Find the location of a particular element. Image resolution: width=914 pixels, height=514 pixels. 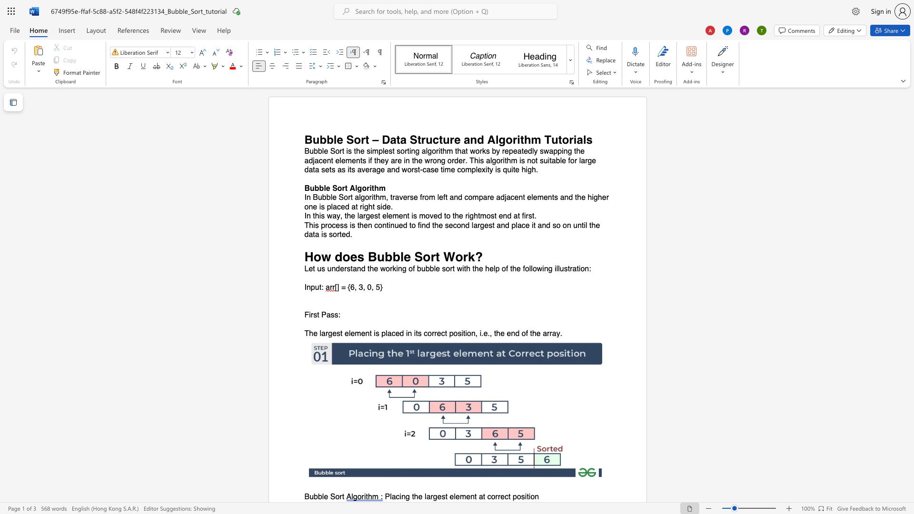

the 1th character "]" in the text is located at coordinates (338, 287).